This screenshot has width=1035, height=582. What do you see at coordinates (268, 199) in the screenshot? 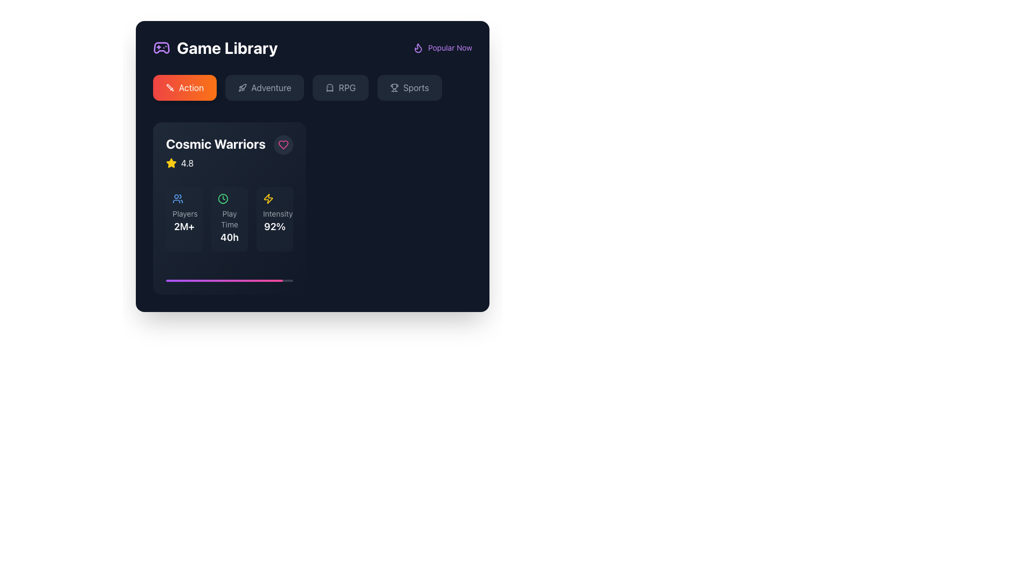
I see `the yellow lightning bolt icon within the 'Intensity 92%' section of the 'Cosmic Warriors' card to associate it with the textual context` at bounding box center [268, 199].